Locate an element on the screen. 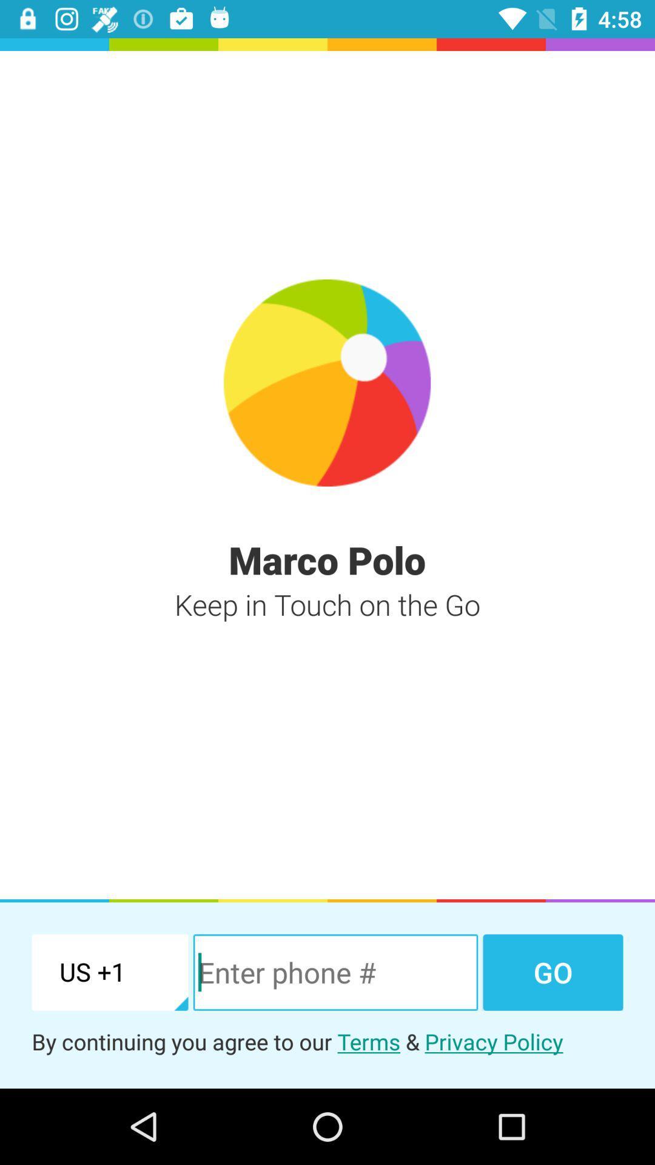  item next to the go item is located at coordinates (335, 972).